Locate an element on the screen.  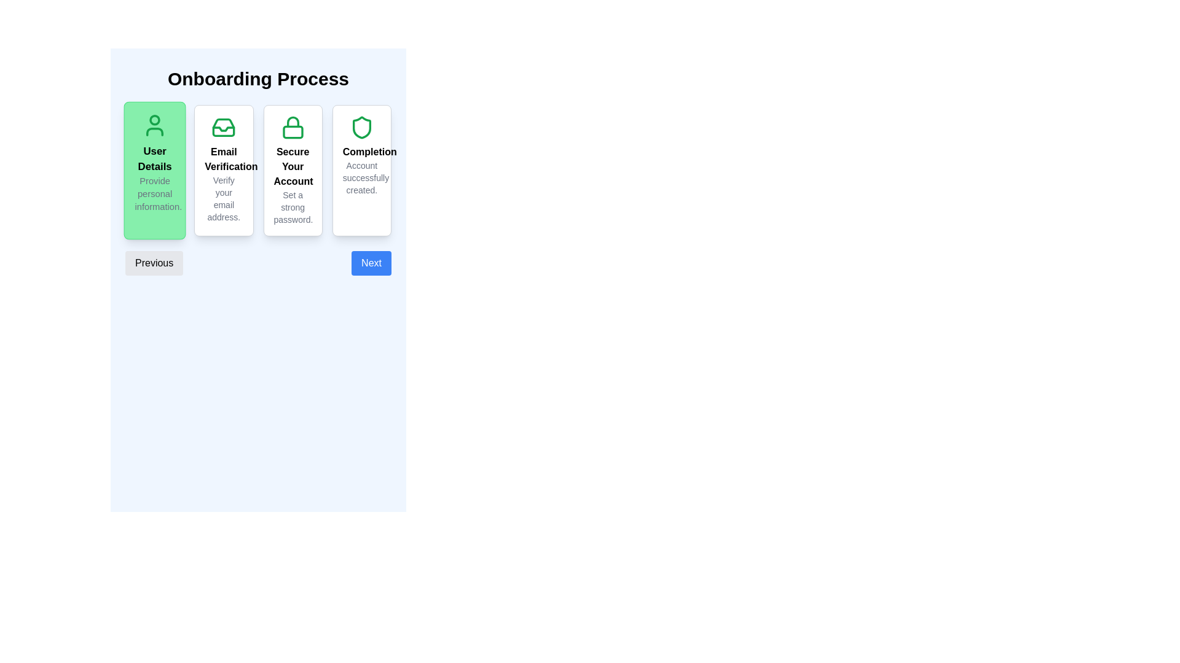
message displayed in the small text block that says 'Account successfully created.' located below the 'Completion' title and adjacent to the green shield icon is located at coordinates (361, 177).